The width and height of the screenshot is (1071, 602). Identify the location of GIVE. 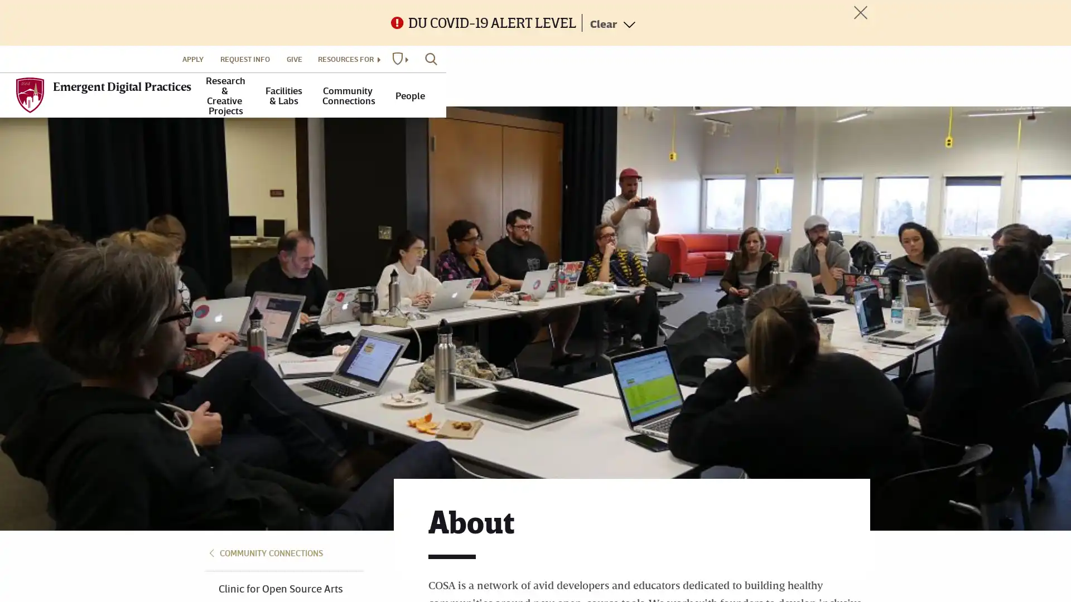
(718, 59).